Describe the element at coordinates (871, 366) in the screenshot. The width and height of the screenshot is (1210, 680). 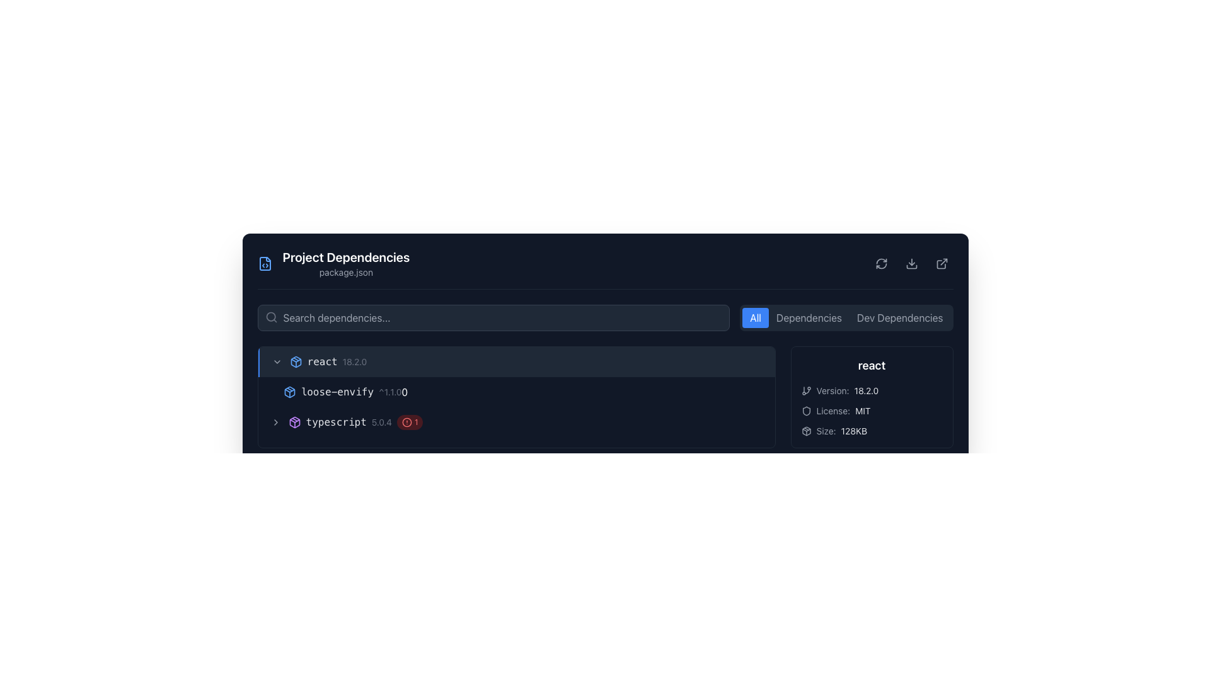
I see `the text block labeled 'react' that is styled with a large, bold font and positioned at the top center of a rounded, bordered card with a dark background` at that location.